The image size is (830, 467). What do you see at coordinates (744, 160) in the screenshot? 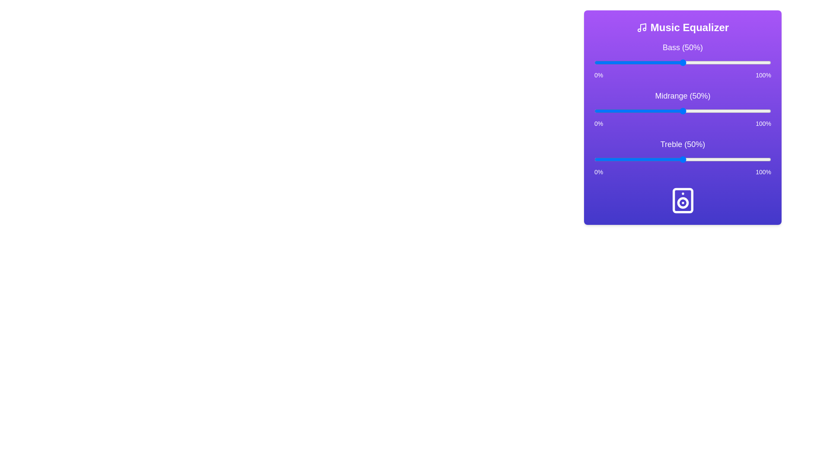
I see `the treble slider to 85%` at bounding box center [744, 160].